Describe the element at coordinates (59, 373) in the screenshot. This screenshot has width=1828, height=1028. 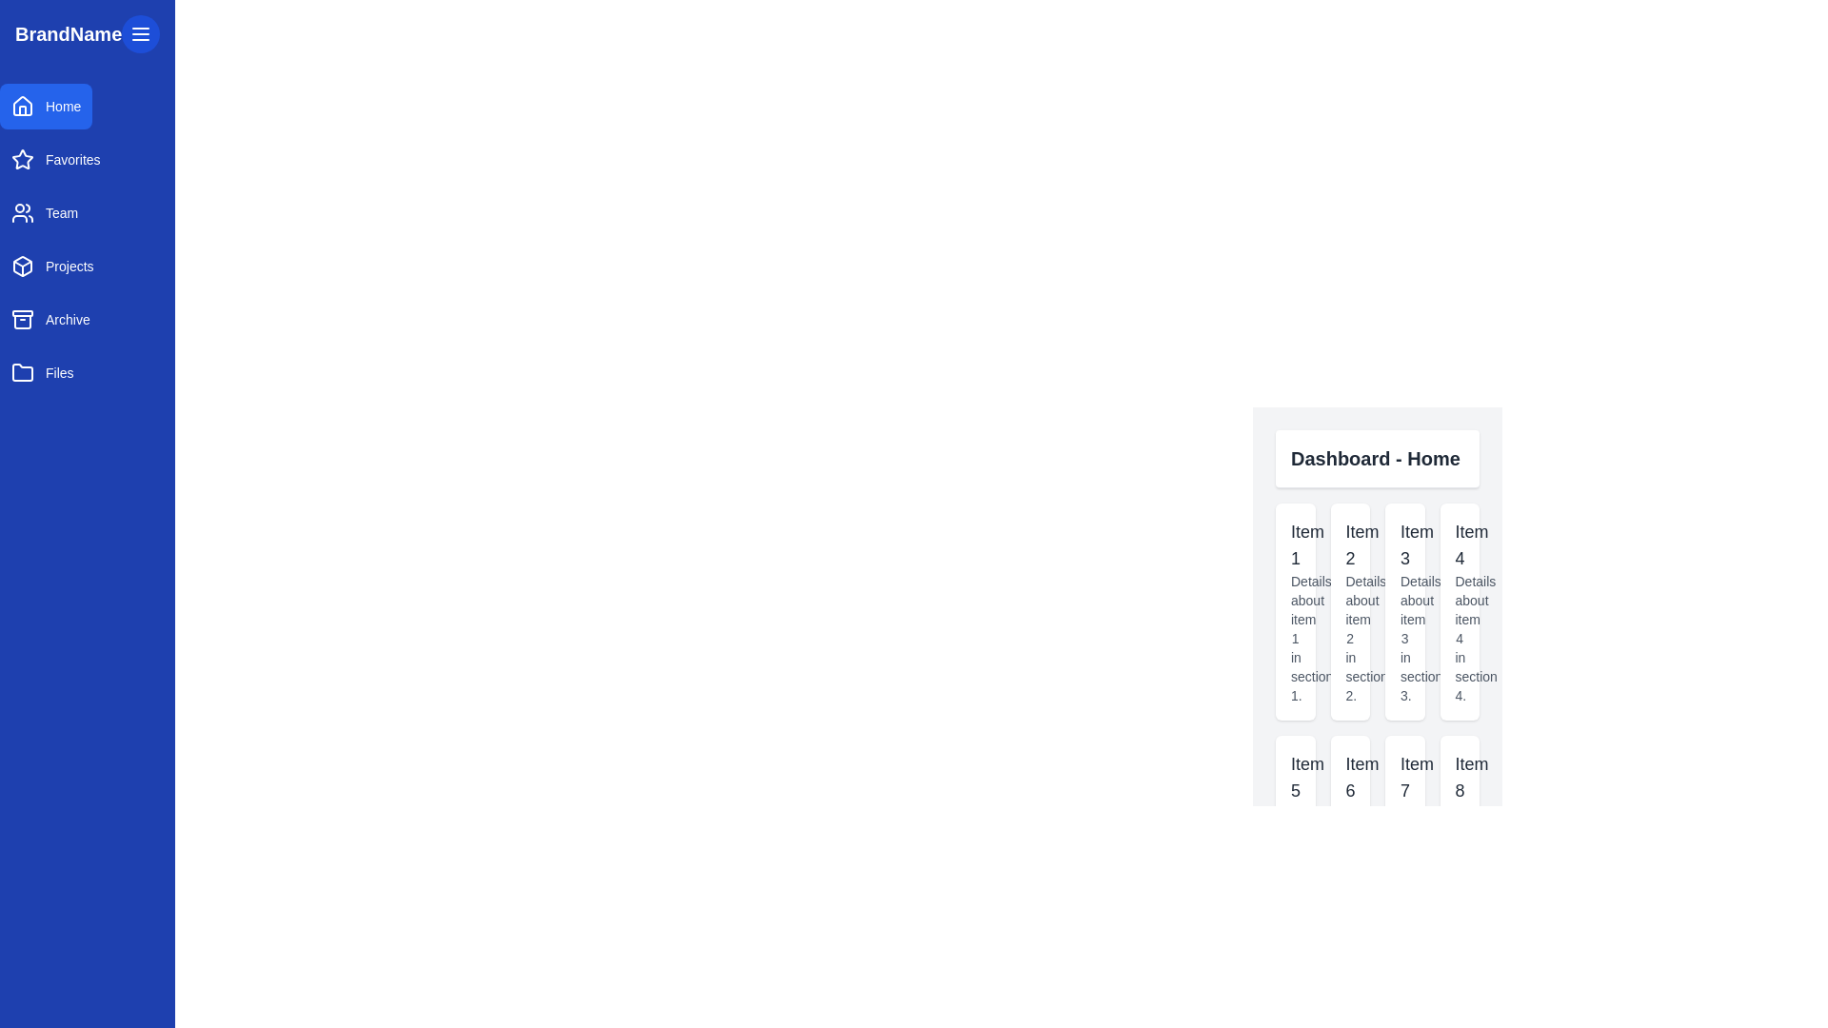
I see `the 'Files' label in the sidebar menu` at that location.